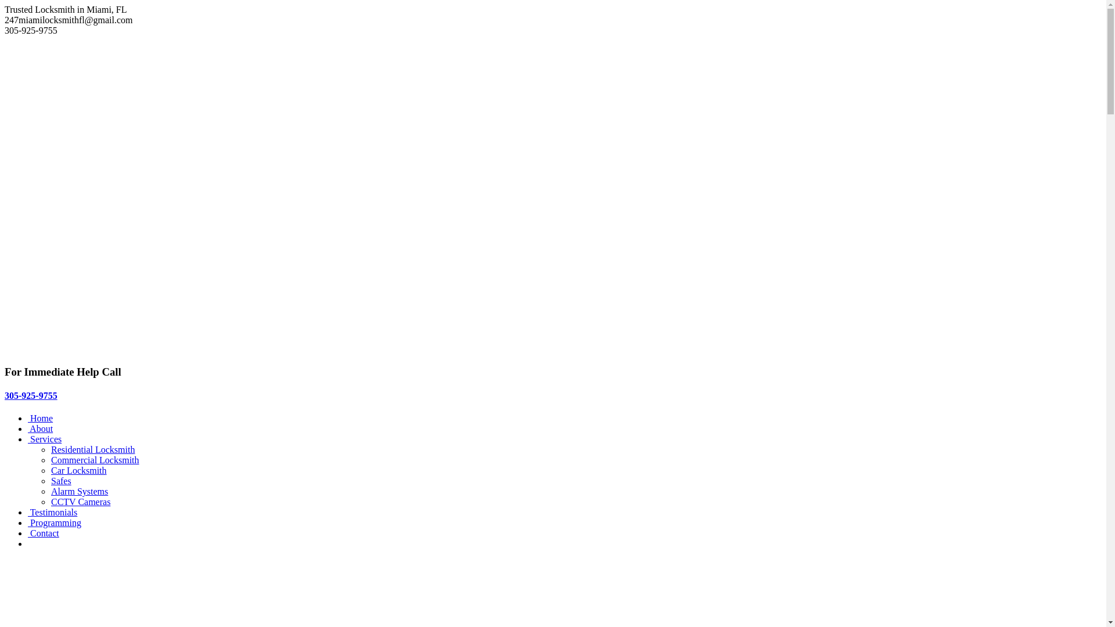  What do you see at coordinates (60, 481) in the screenshot?
I see `'Safes'` at bounding box center [60, 481].